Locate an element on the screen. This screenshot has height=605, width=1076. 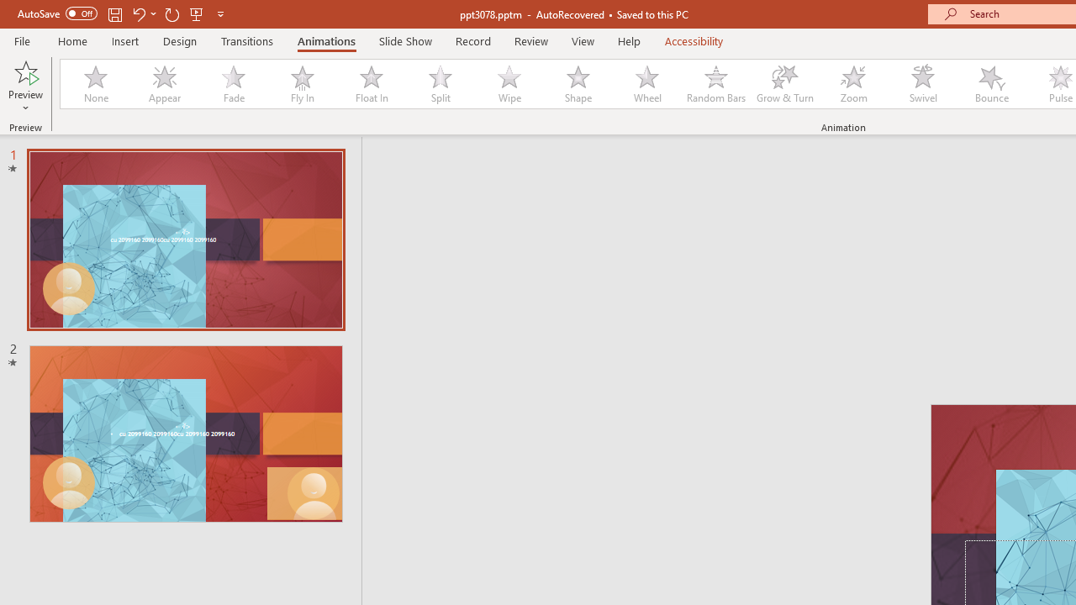
'Bounce' is located at coordinates (992, 84).